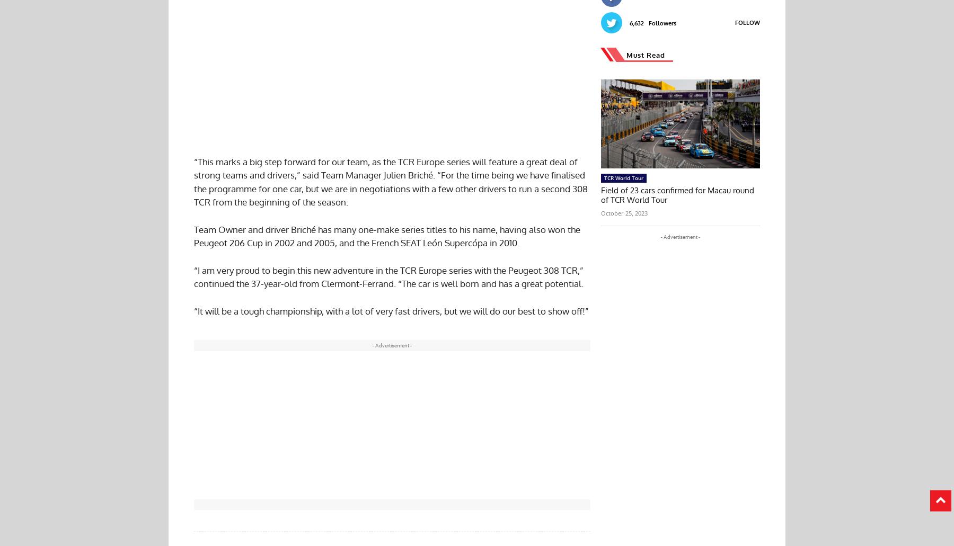 The height and width of the screenshot is (546, 954). What do you see at coordinates (677, 194) in the screenshot?
I see `'Field of 23 cars confirmed for Macau round of TCR World Tour'` at bounding box center [677, 194].